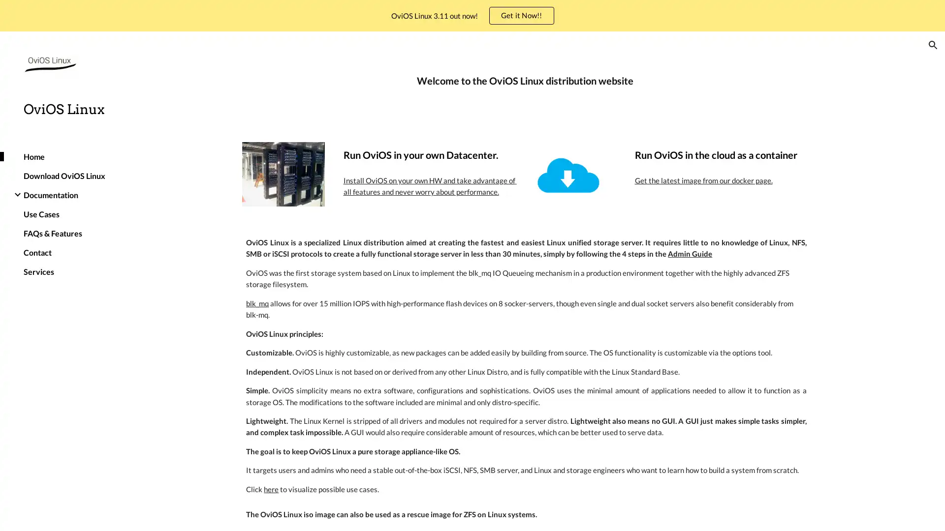 This screenshot has height=531, width=945. Describe the element at coordinates (140, 513) in the screenshot. I see `Site actions` at that location.